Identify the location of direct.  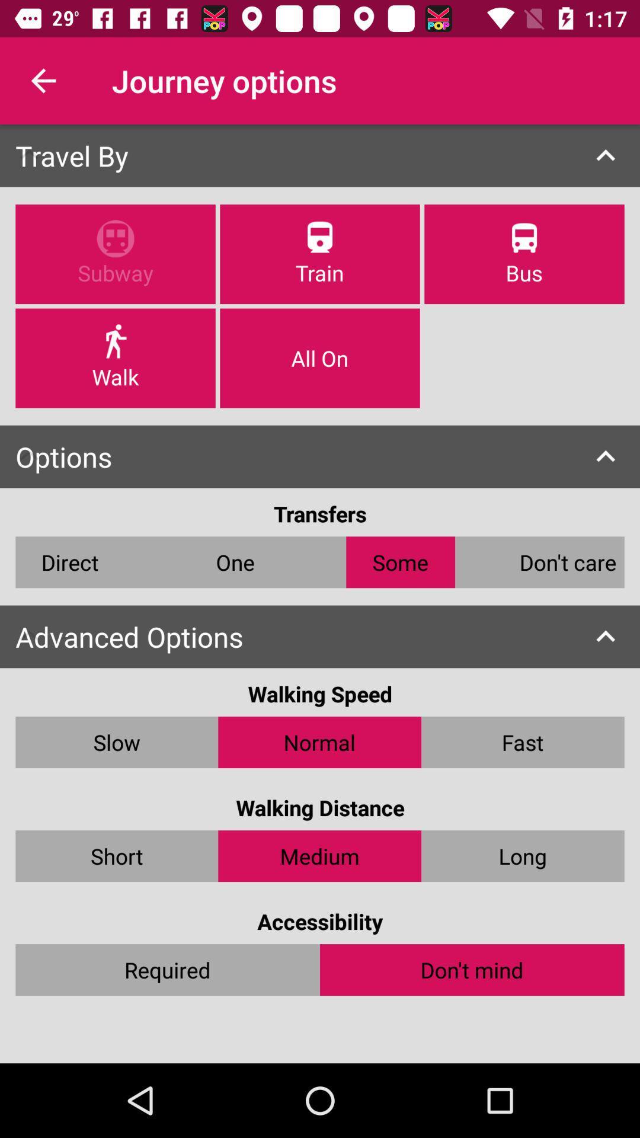
(70, 561).